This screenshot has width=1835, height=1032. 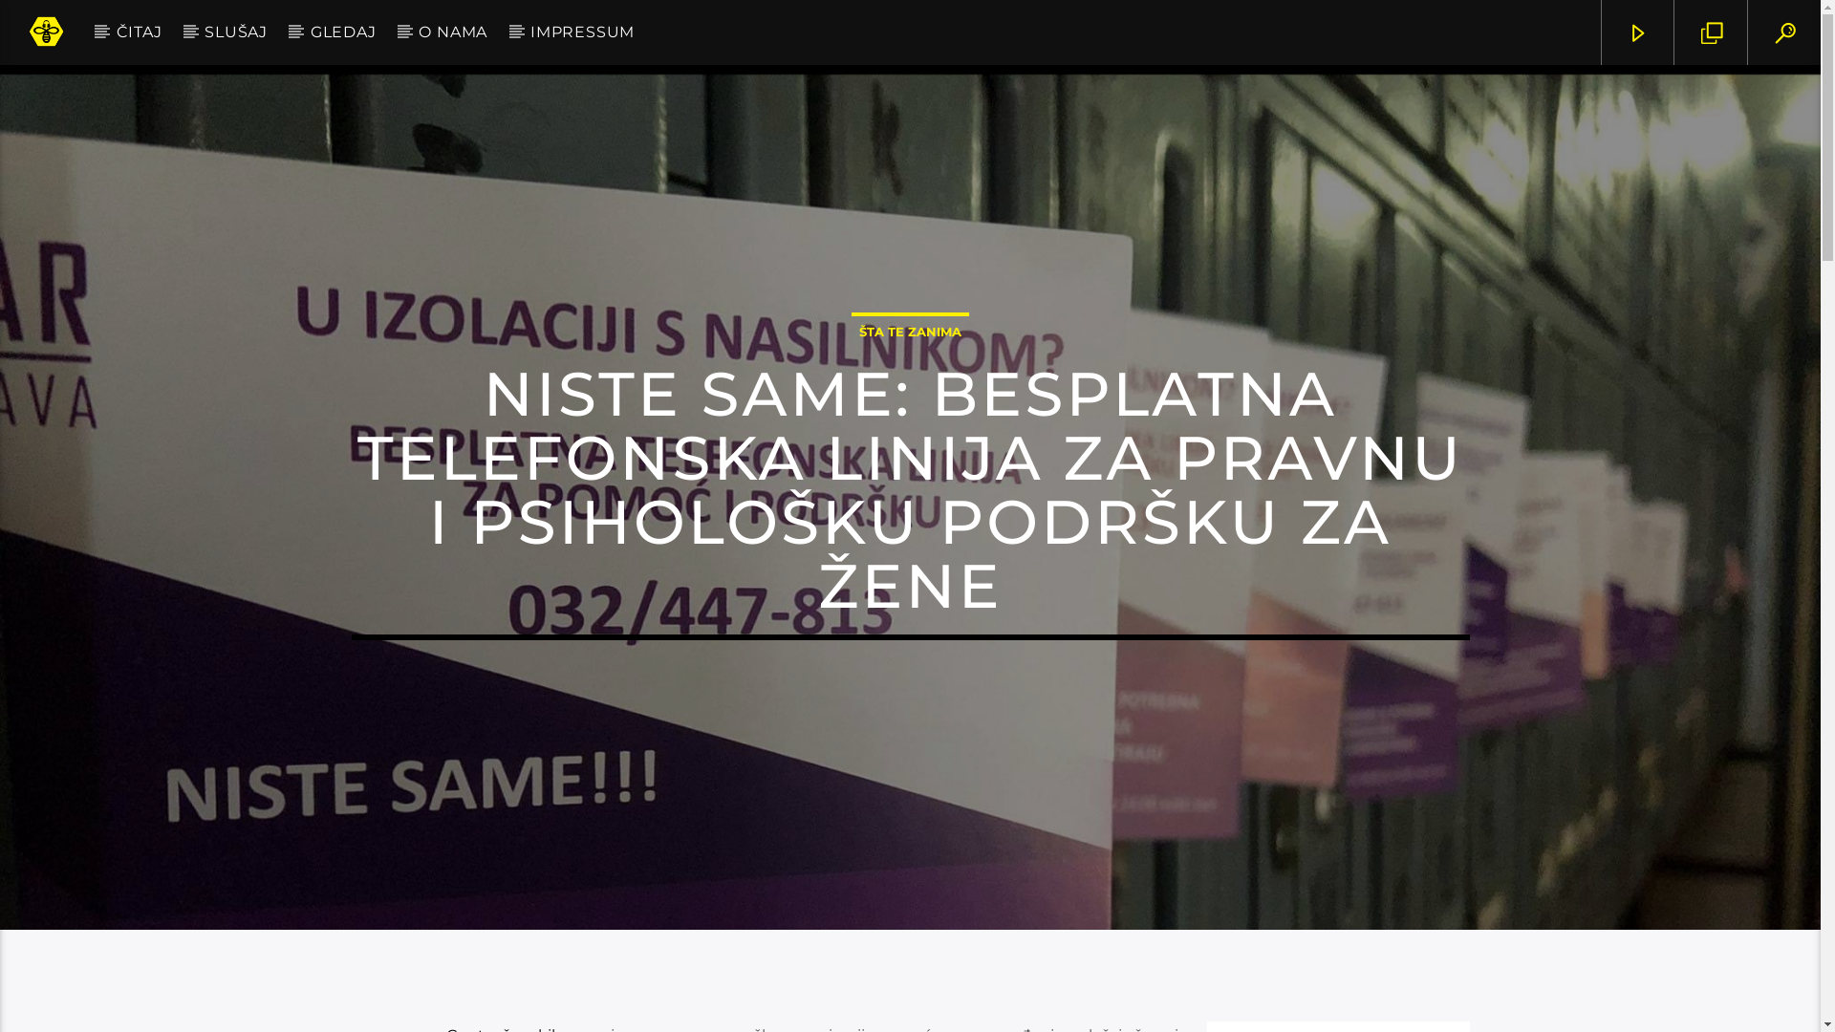 I want to click on 'IMPRESSUM', so click(x=508, y=32).